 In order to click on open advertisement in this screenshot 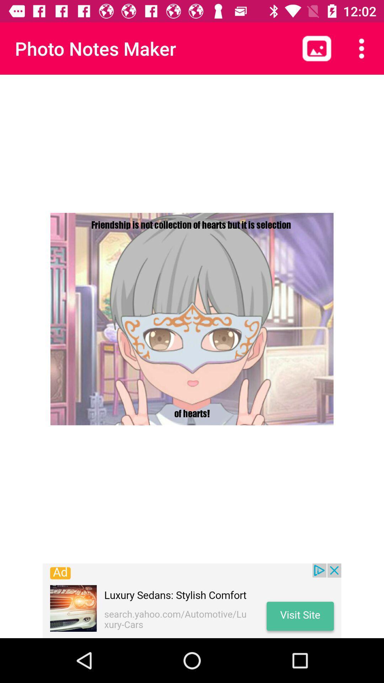, I will do `click(192, 600)`.